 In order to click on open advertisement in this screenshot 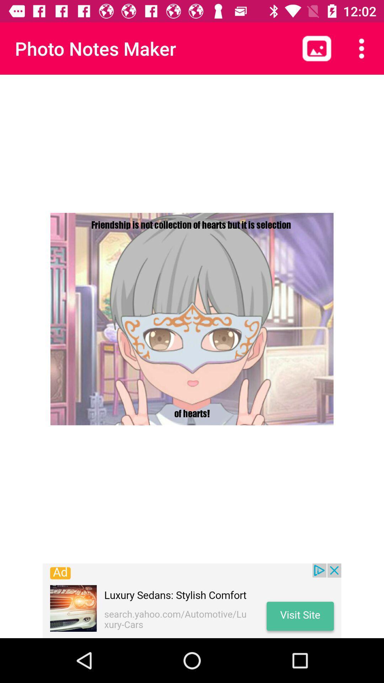, I will do `click(192, 600)`.